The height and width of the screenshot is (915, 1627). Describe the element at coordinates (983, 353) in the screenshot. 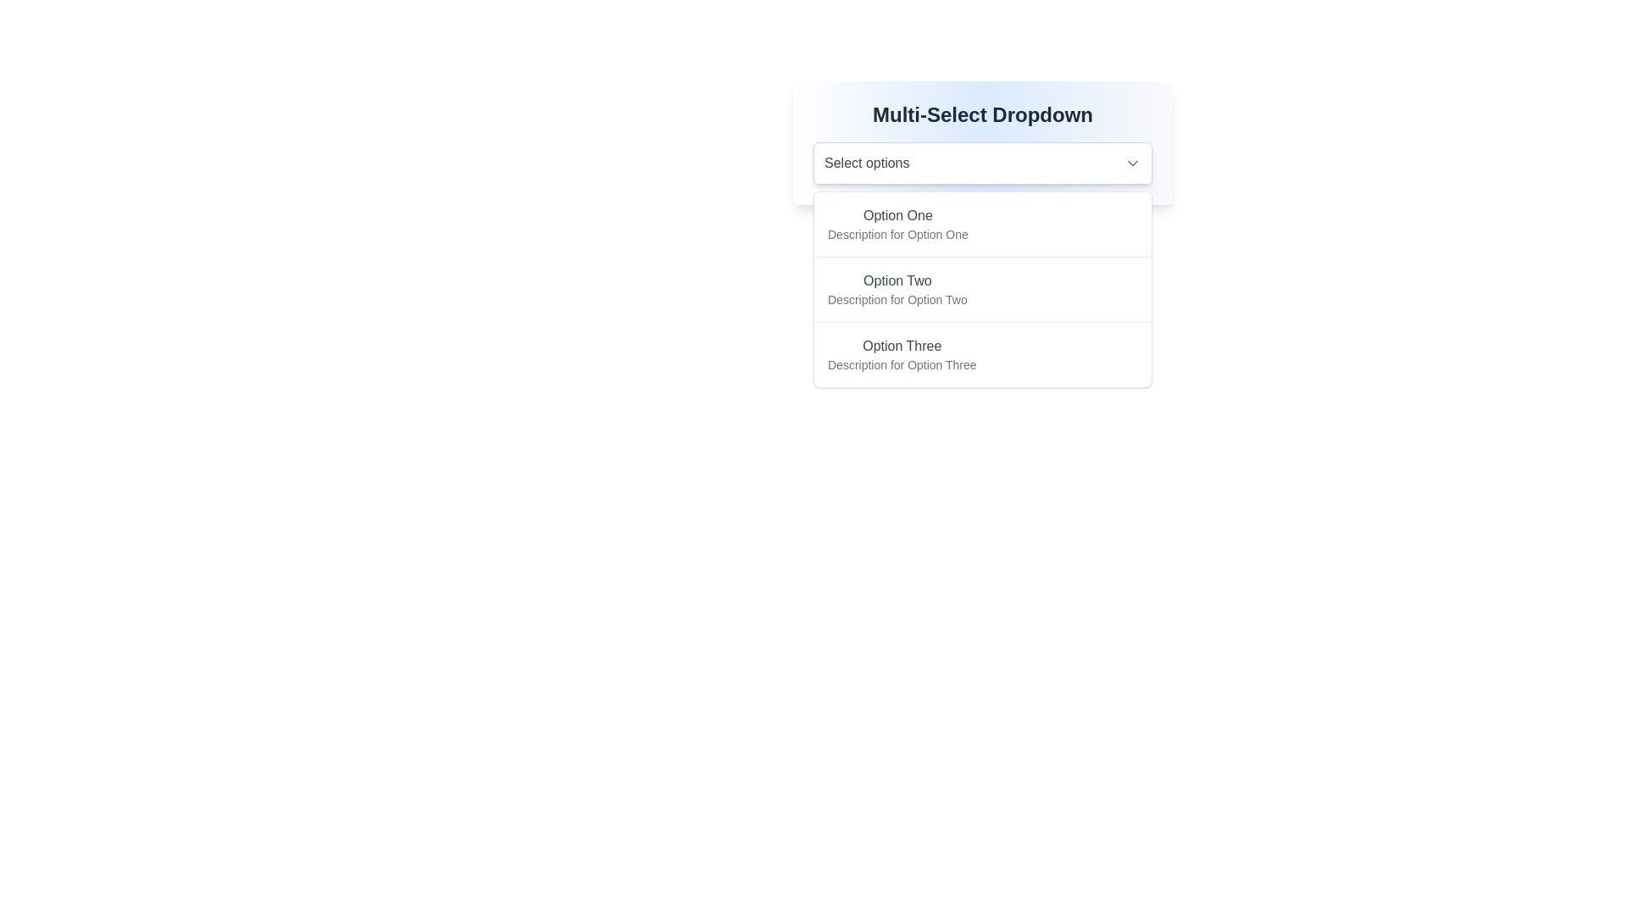

I see `the third option in the 'Multi-Select Dropdown' menu` at that location.